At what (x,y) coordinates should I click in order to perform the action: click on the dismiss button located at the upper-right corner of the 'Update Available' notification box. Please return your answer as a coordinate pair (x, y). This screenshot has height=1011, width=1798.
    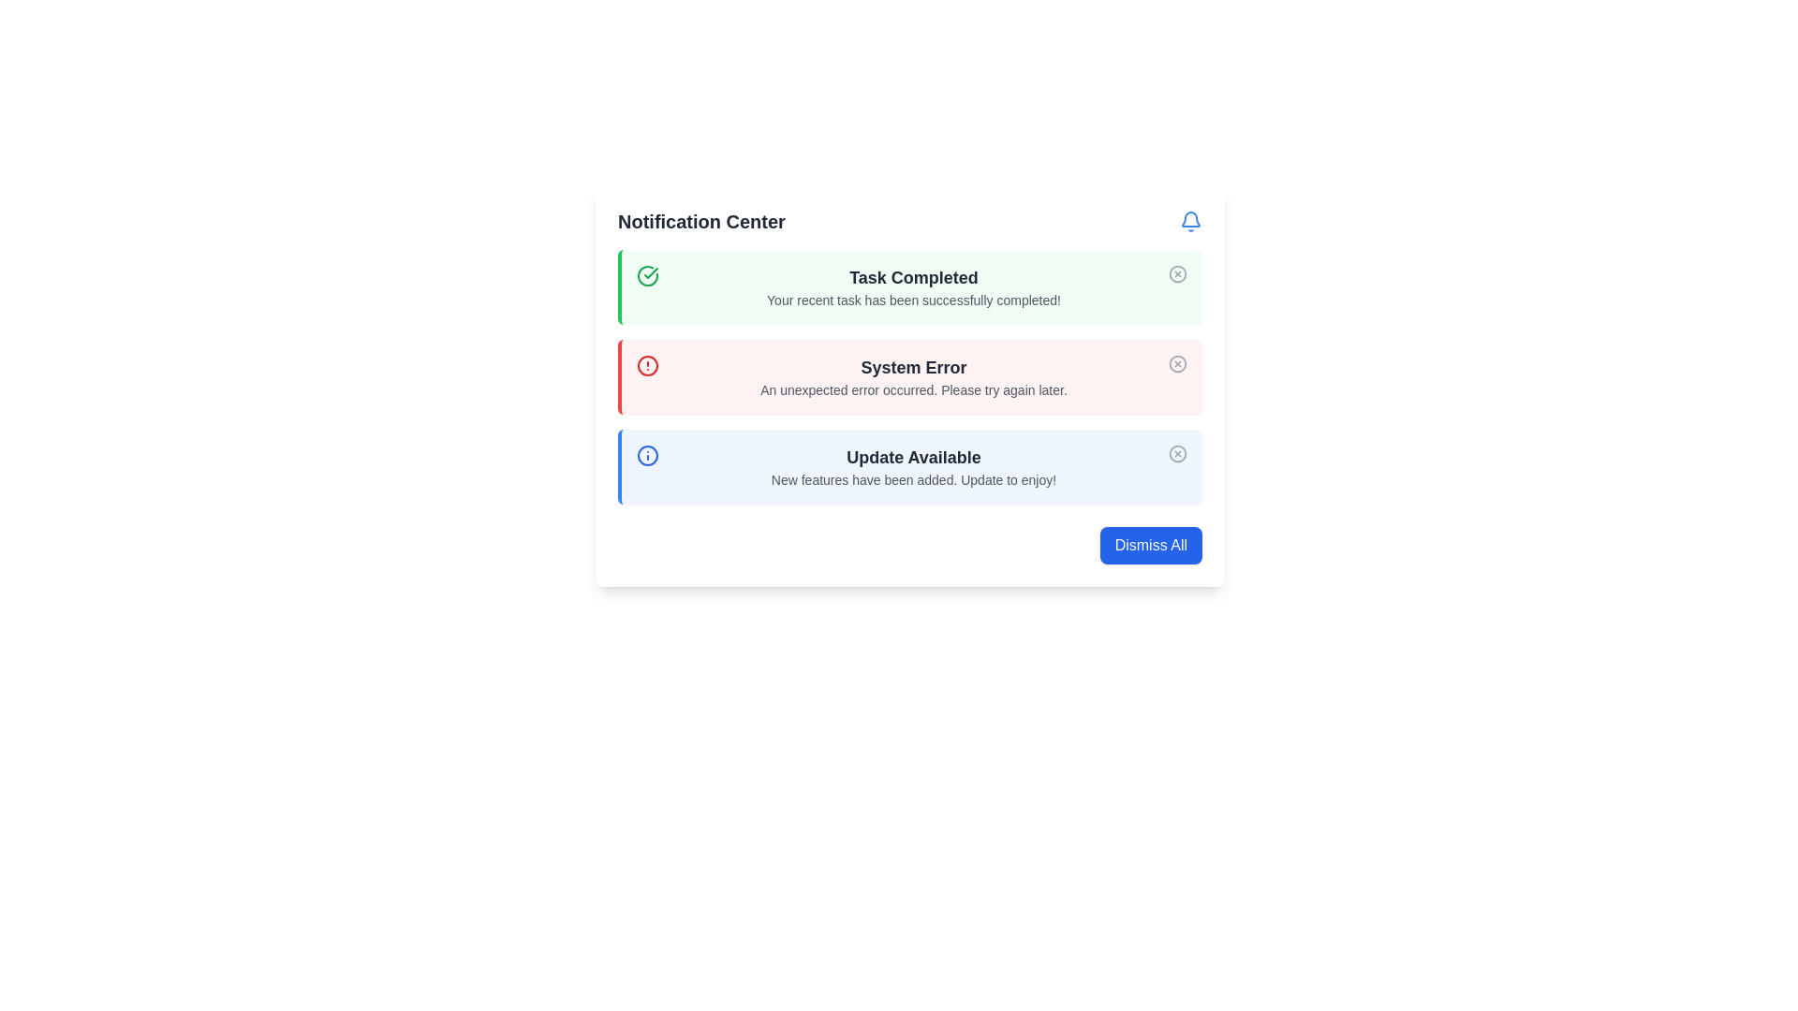
    Looking at the image, I should click on (1176, 454).